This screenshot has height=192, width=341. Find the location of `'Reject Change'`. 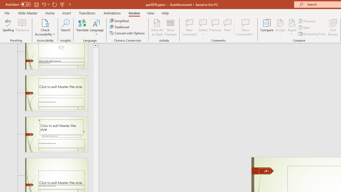

'Reject Change' is located at coordinates (292, 22).